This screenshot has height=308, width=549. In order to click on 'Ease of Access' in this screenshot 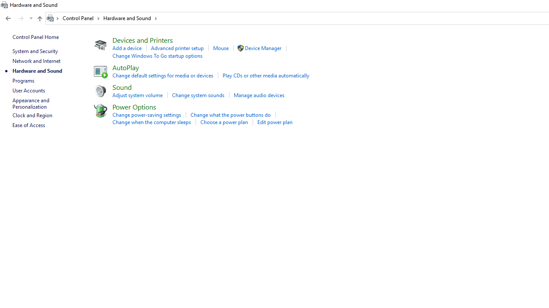, I will do `click(29, 125)`.